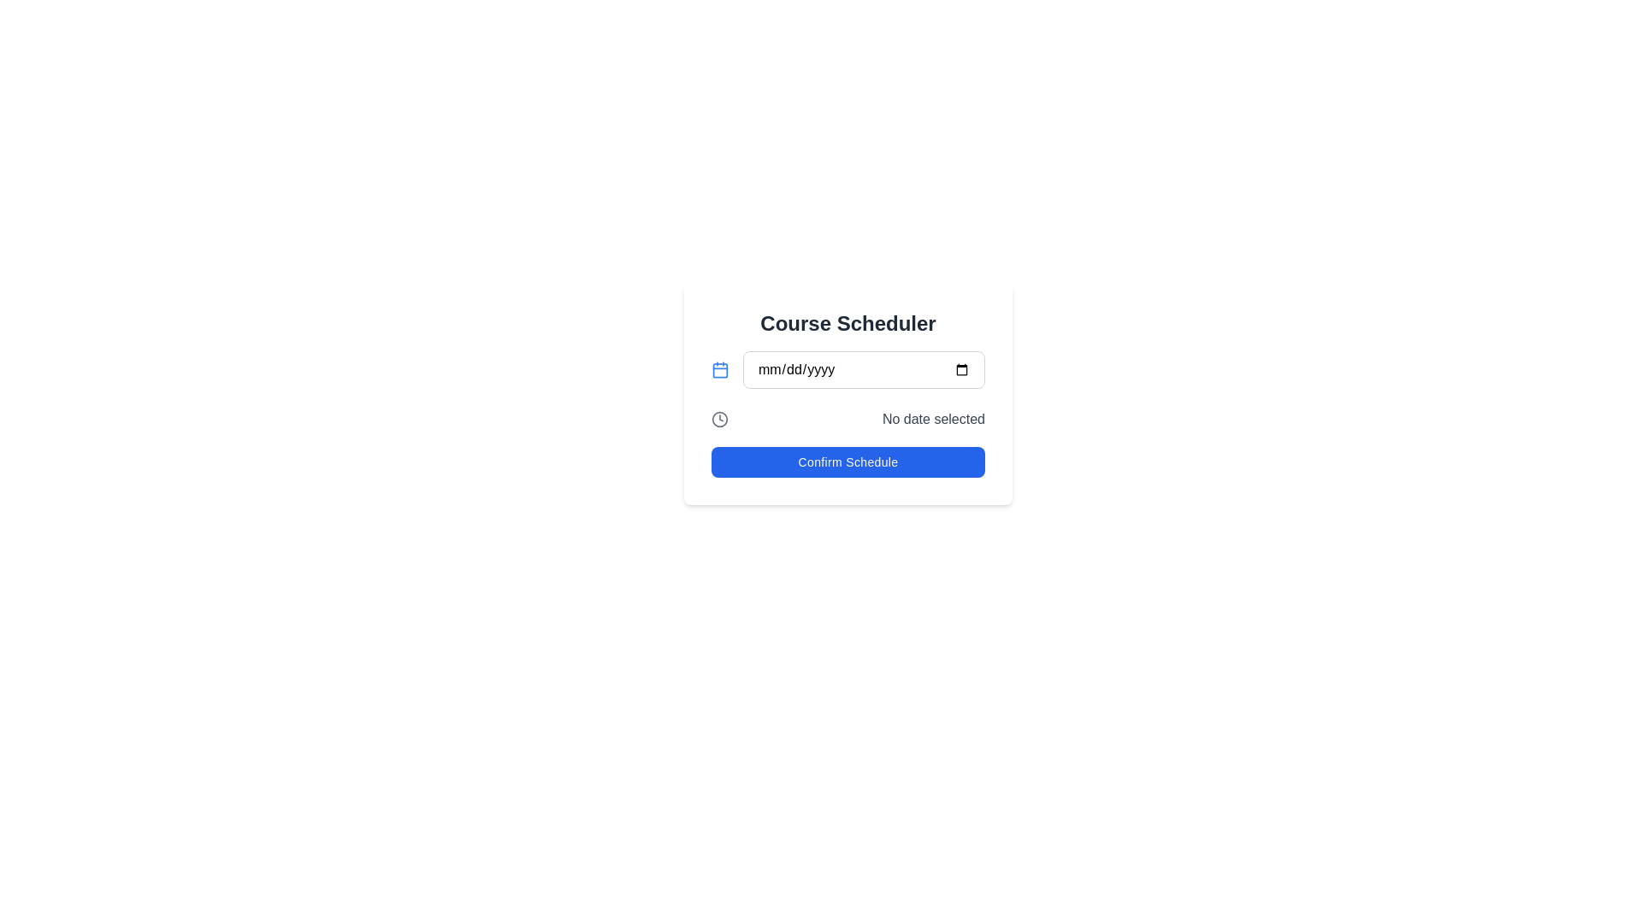 Image resolution: width=1642 pixels, height=923 pixels. What do you see at coordinates (719, 419) in the screenshot?
I see `the gray circular icon within the clock icon, located below the input field labeled 'mm/dd/yyyy'` at bounding box center [719, 419].